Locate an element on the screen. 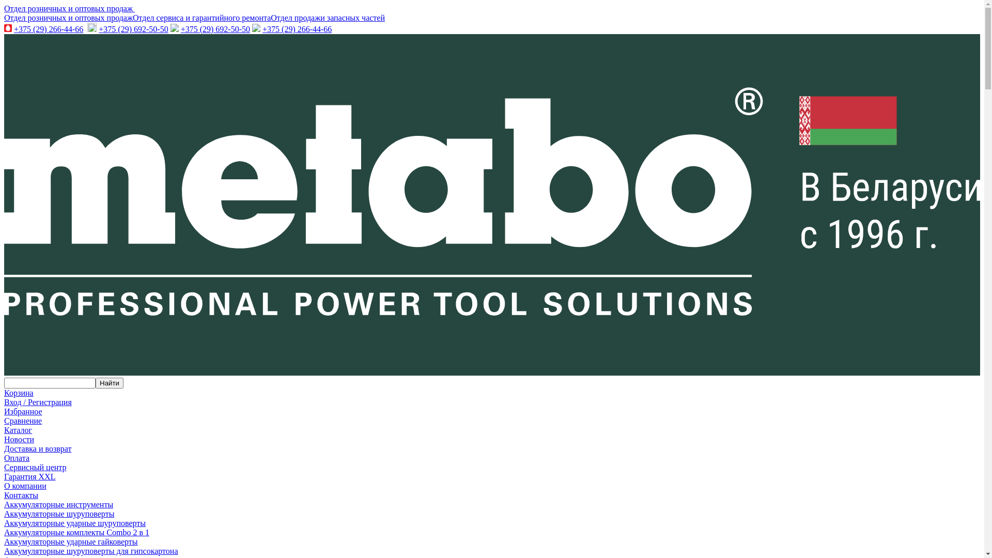 The width and height of the screenshot is (992, 558). '+375 (29) 266-44-66' is located at coordinates (297, 28).